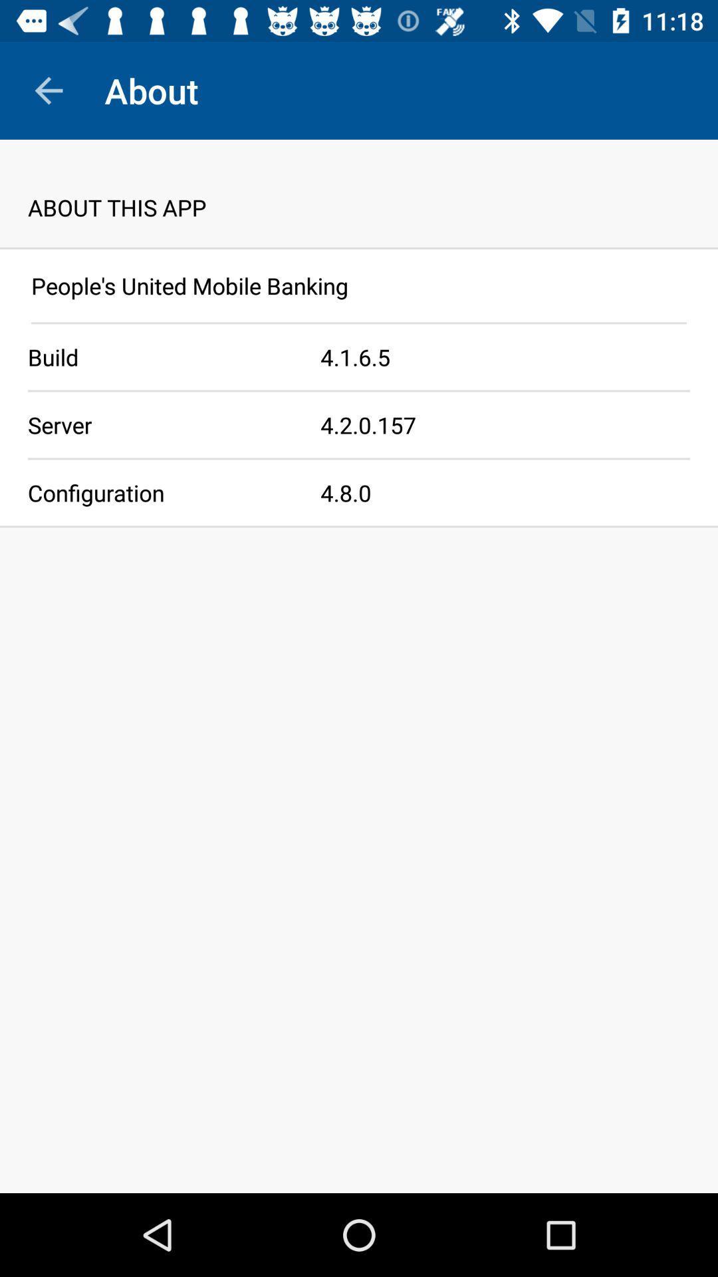 The image size is (718, 1277). I want to click on icon above about this app item, so click(48, 90).